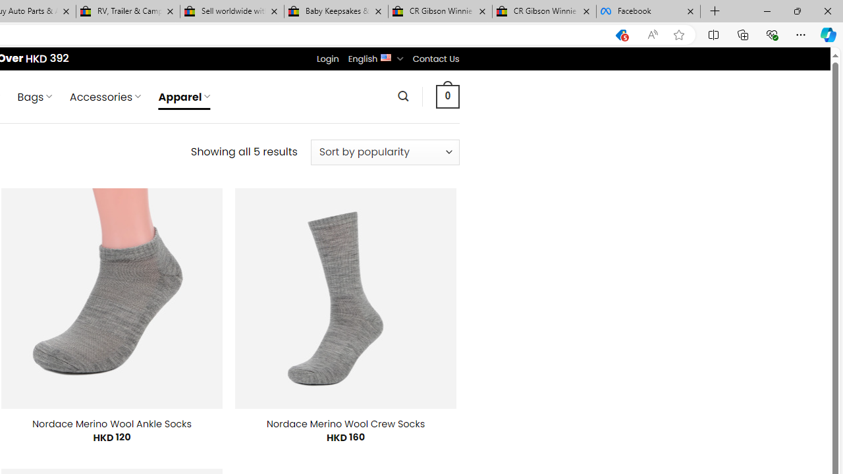 Image resolution: width=843 pixels, height=474 pixels. I want to click on 'This site has coupons! Shopping in Microsoft Edge, 5', so click(620, 34).